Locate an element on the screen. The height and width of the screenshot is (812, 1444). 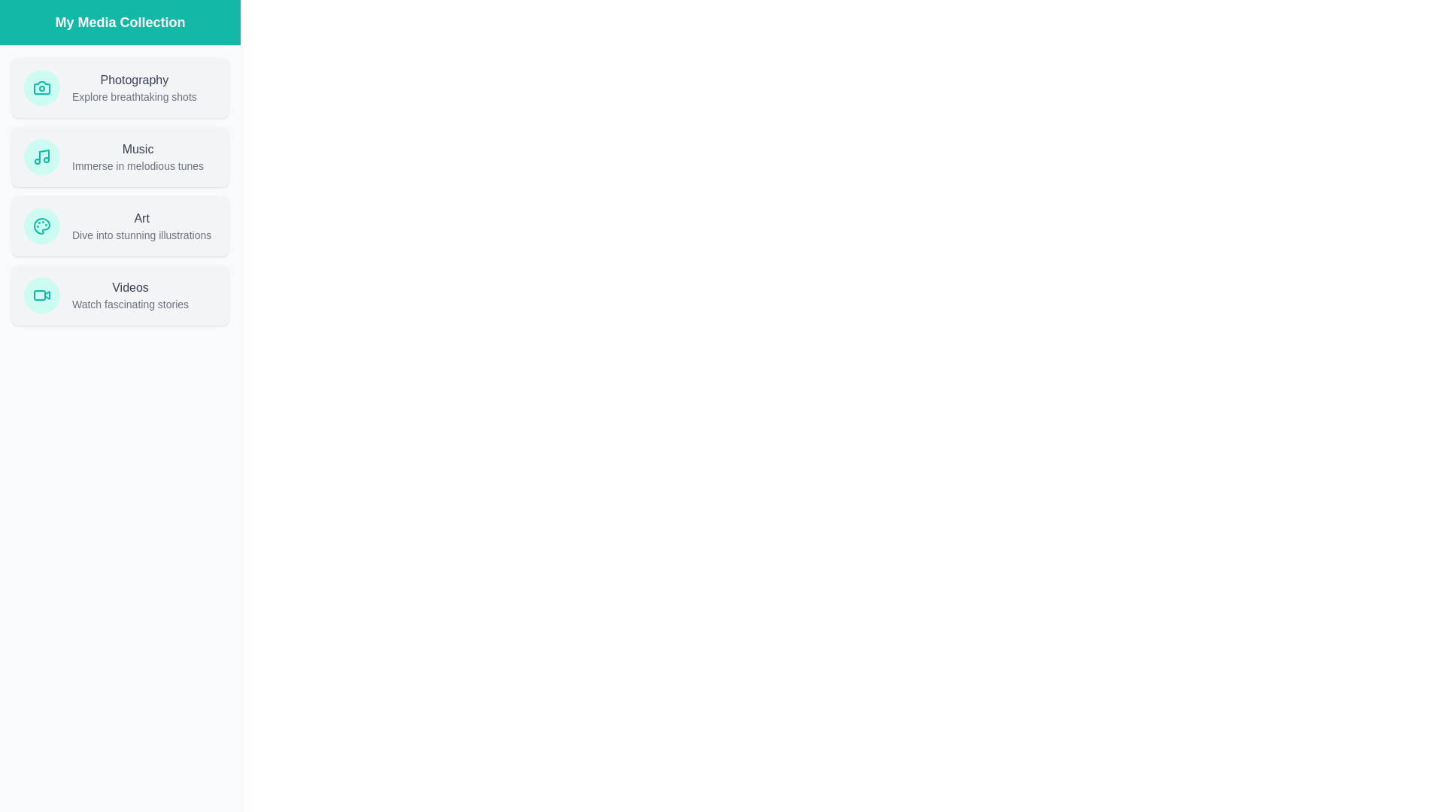
the icon representing Videos in the media collection drawer is located at coordinates (42, 295).